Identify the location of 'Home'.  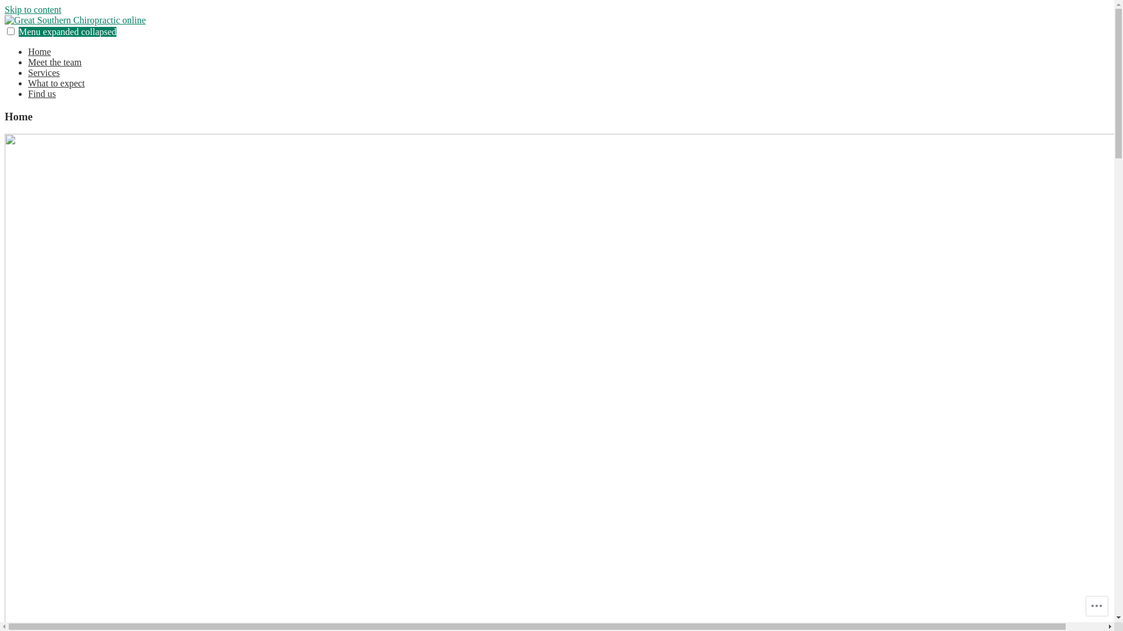
(39, 51).